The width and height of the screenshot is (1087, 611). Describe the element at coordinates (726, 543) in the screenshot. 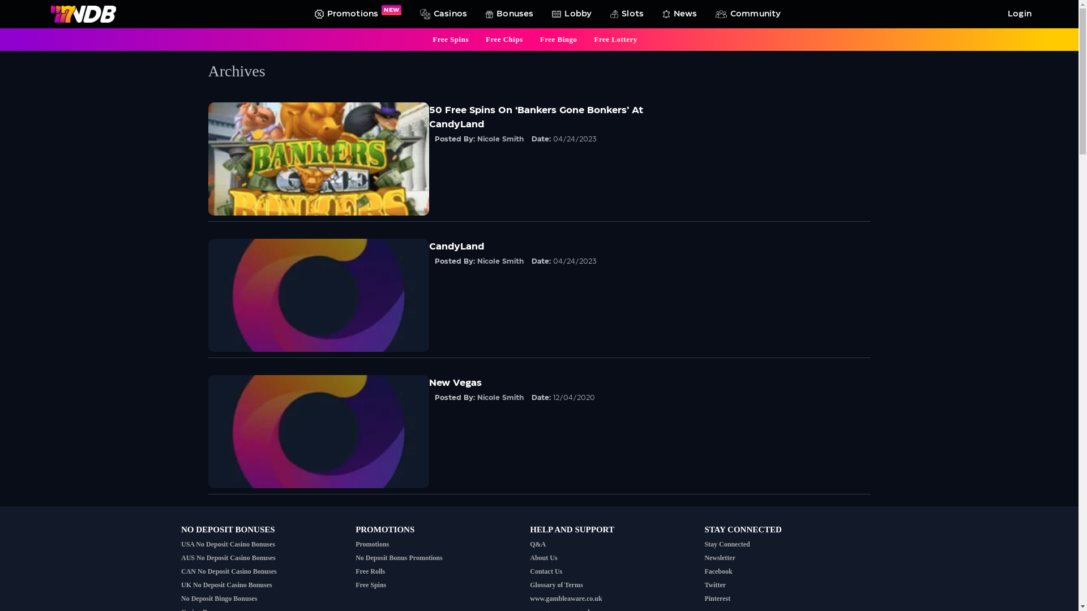

I see `'Stay Connected'` at that location.